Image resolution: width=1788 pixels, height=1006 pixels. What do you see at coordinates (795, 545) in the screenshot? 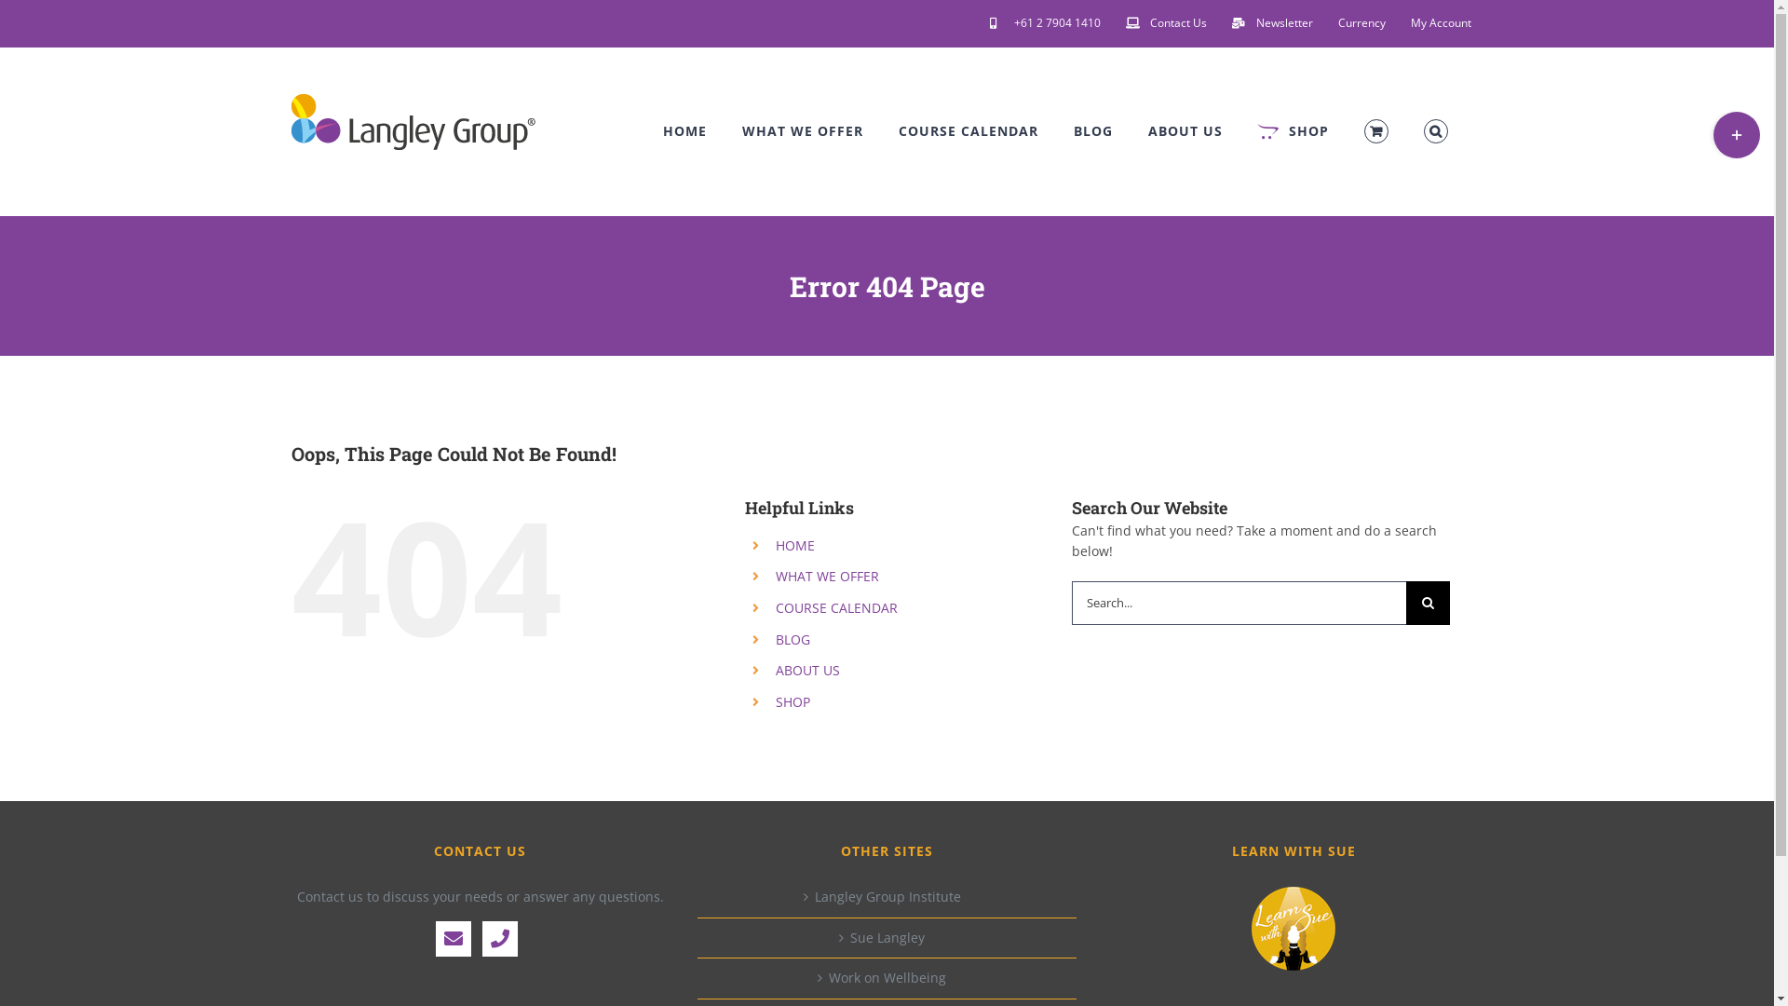
I see `'HOME'` at bounding box center [795, 545].